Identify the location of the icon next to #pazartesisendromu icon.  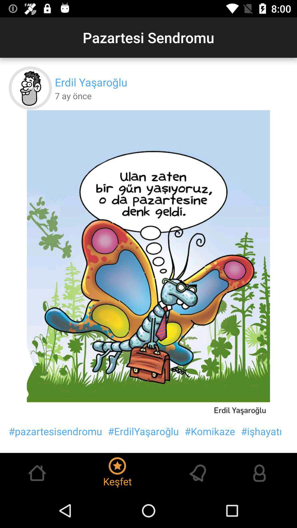
(143, 431).